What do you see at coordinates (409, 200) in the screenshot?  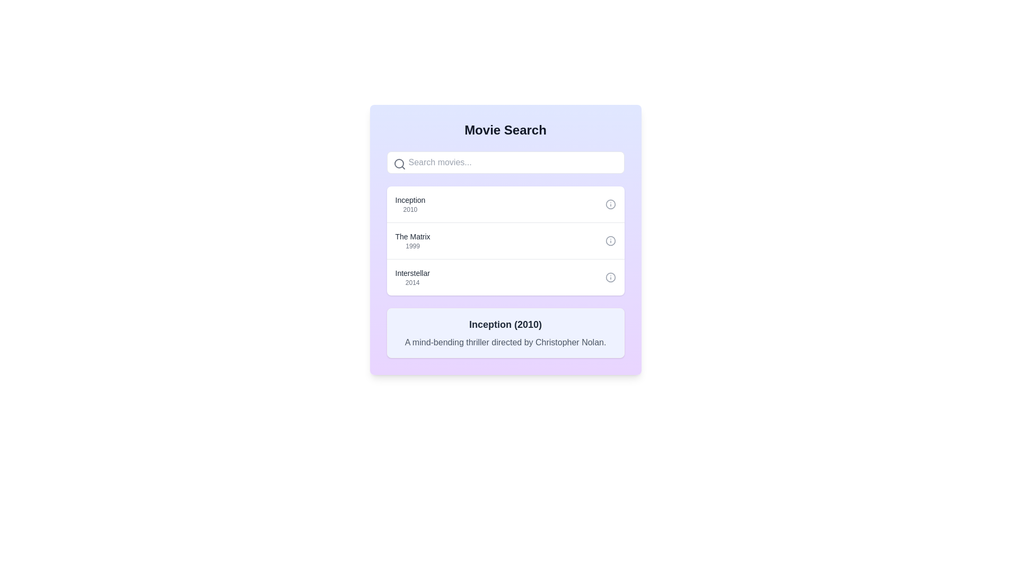 I see `the static text label displaying the movie title 'Inception' in the search results, located in the top-left section of the first movie result box` at bounding box center [409, 200].